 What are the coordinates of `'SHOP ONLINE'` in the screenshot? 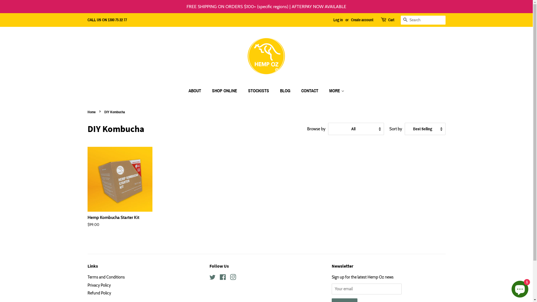 It's located at (225, 90).